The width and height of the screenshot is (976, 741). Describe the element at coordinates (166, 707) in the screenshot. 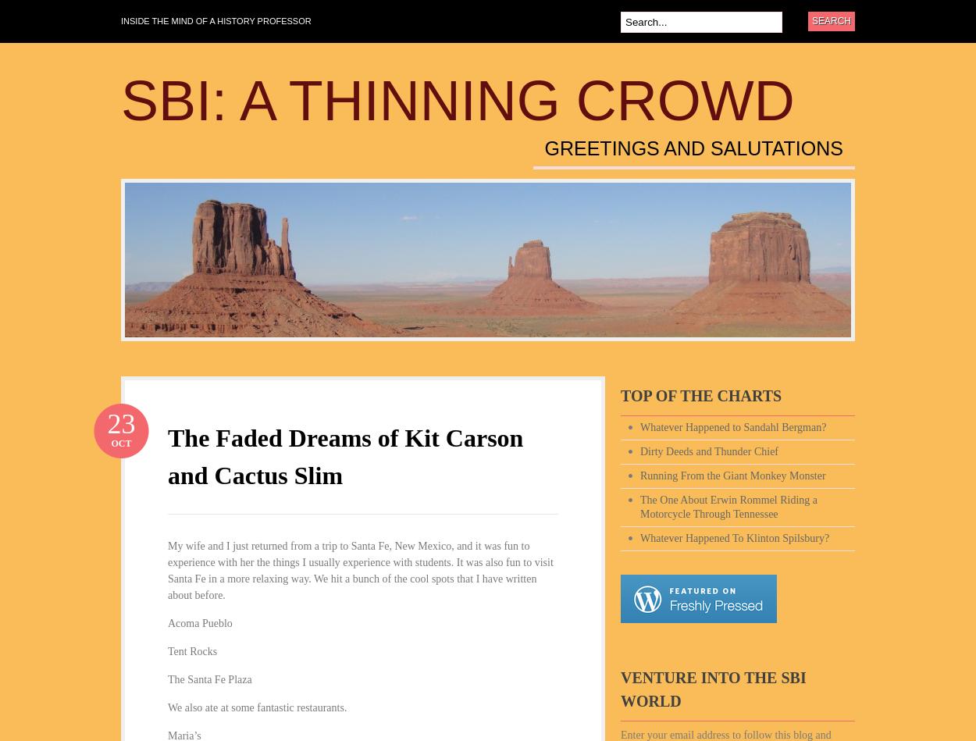

I see `'We also ate at some fantastic restaurants.'` at that location.